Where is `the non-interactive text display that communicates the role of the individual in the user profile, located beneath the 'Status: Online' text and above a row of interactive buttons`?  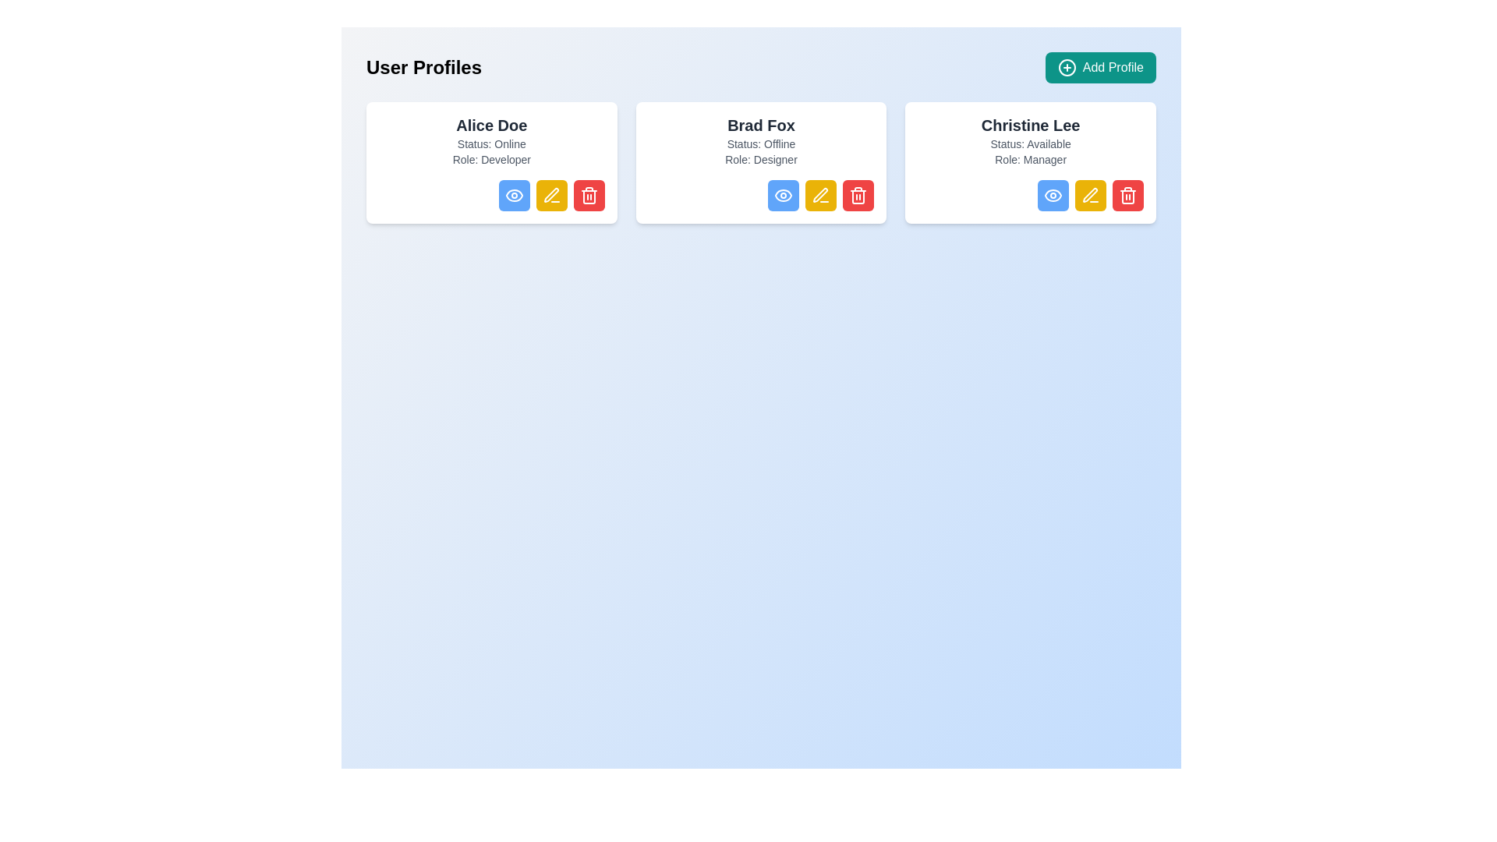 the non-interactive text display that communicates the role of the individual in the user profile, located beneath the 'Status: Online' text and above a row of interactive buttons is located at coordinates (490, 159).